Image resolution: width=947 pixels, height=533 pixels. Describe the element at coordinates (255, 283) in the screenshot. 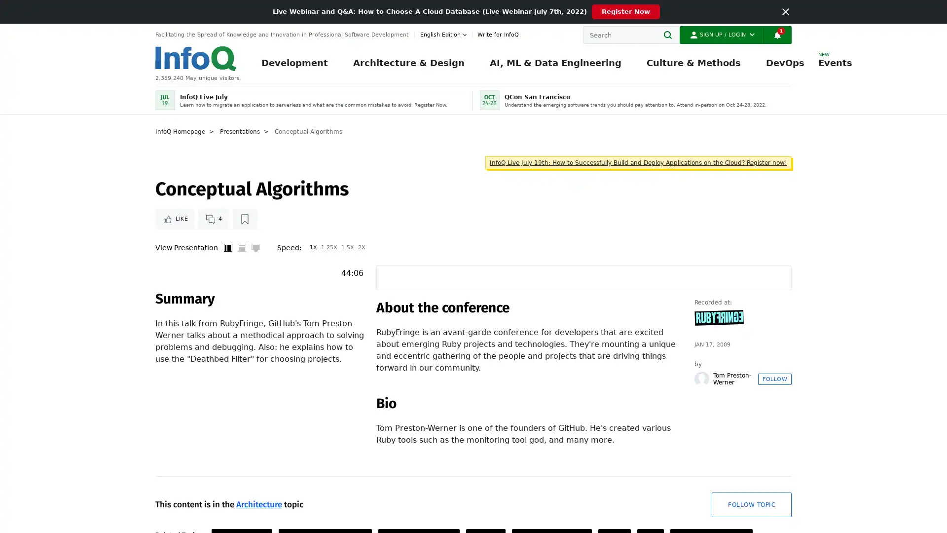

I see `Full` at that location.